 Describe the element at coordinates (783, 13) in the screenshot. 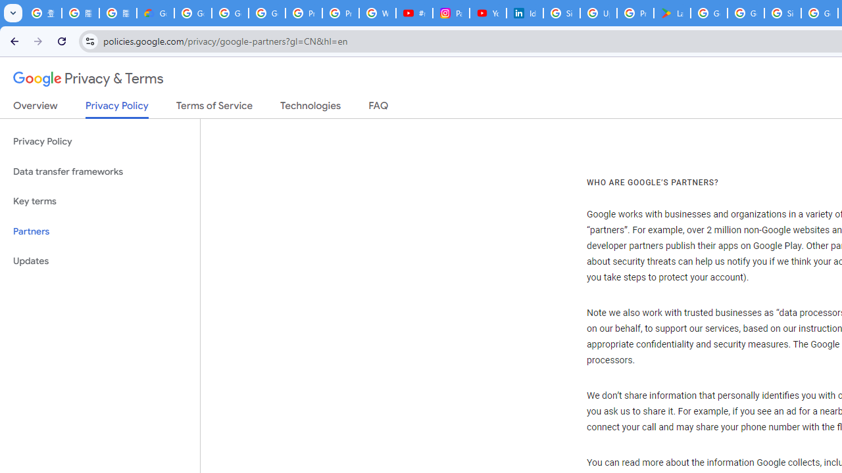

I see `'Sign in - Google Accounts'` at that location.